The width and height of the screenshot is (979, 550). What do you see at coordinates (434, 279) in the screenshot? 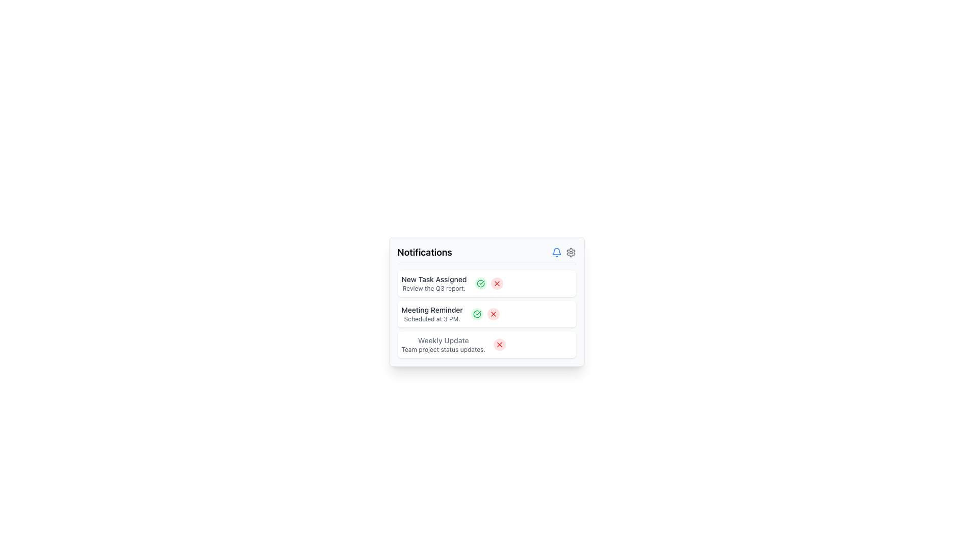
I see `the title Text Label that serves as a headline for the notification content, positioned above the smaller text label within the notification card` at bounding box center [434, 279].